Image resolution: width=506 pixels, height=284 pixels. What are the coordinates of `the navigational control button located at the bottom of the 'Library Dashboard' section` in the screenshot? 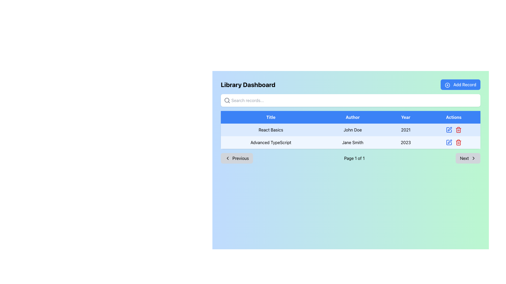 It's located at (237, 158).